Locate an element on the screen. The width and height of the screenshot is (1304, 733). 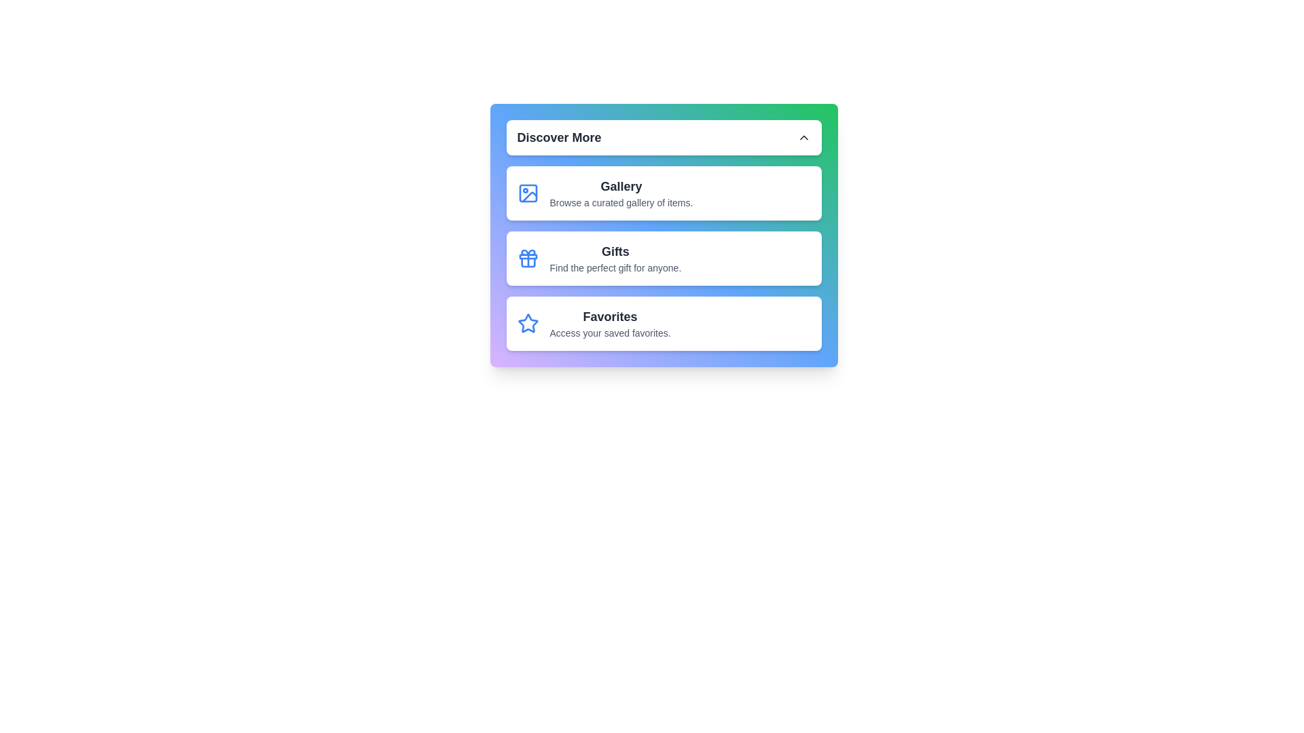
the text content of the menu item Gallery is located at coordinates (549, 176).